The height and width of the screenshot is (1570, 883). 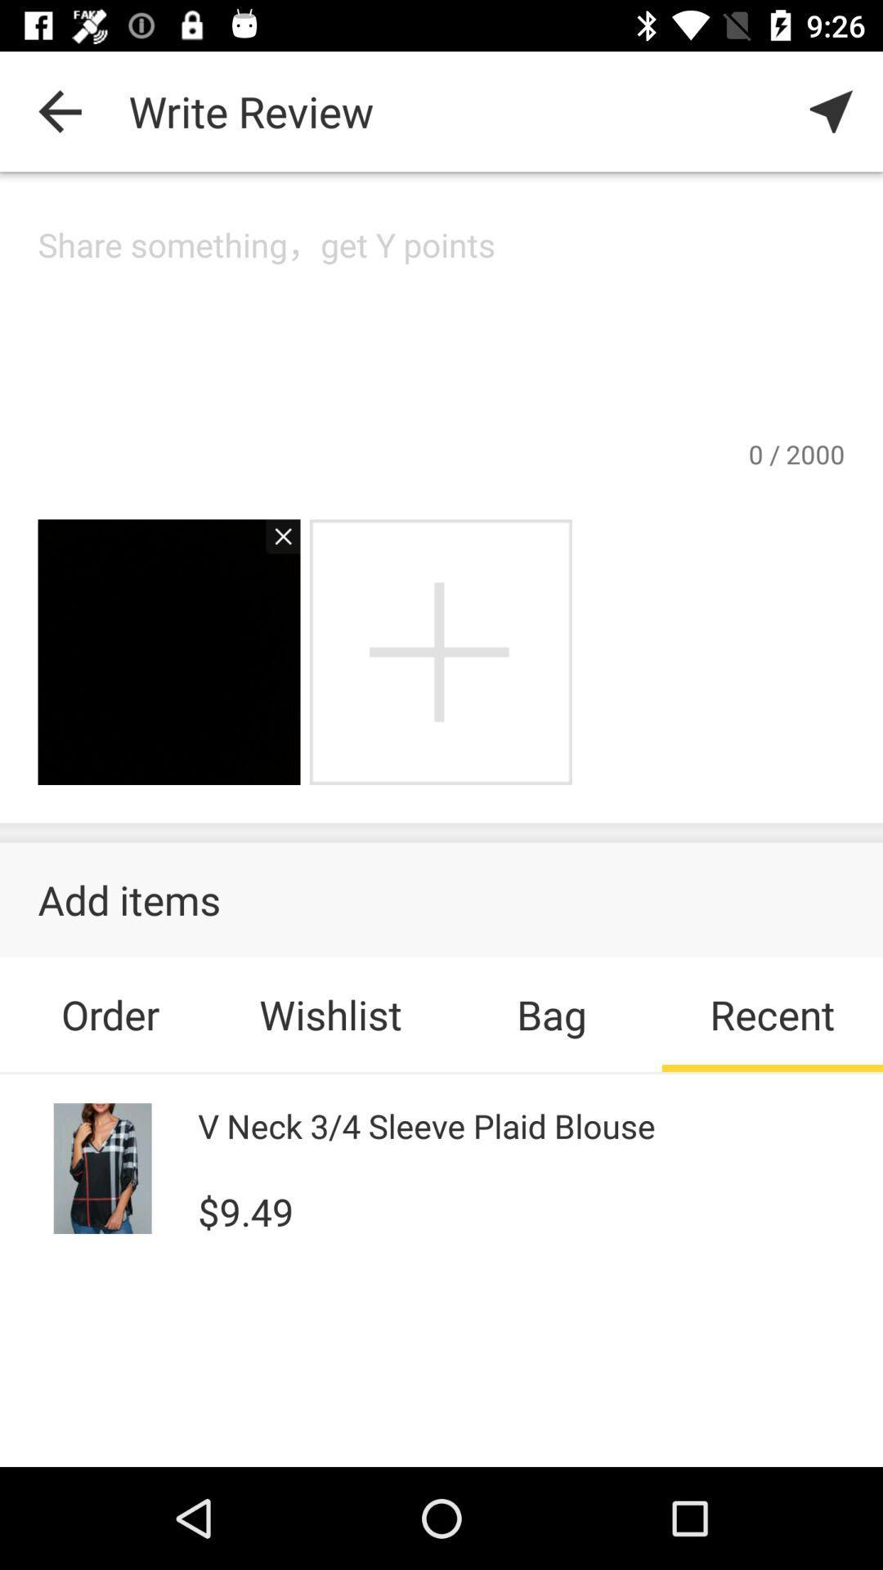 I want to click on item next to the v neck 3 icon, so click(x=103, y=1168).